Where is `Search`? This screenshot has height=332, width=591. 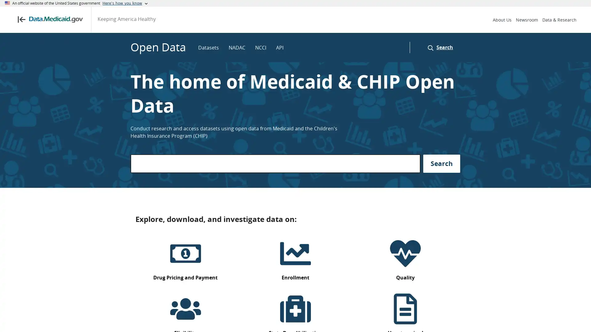 Search is located at coordinates (438, 47).